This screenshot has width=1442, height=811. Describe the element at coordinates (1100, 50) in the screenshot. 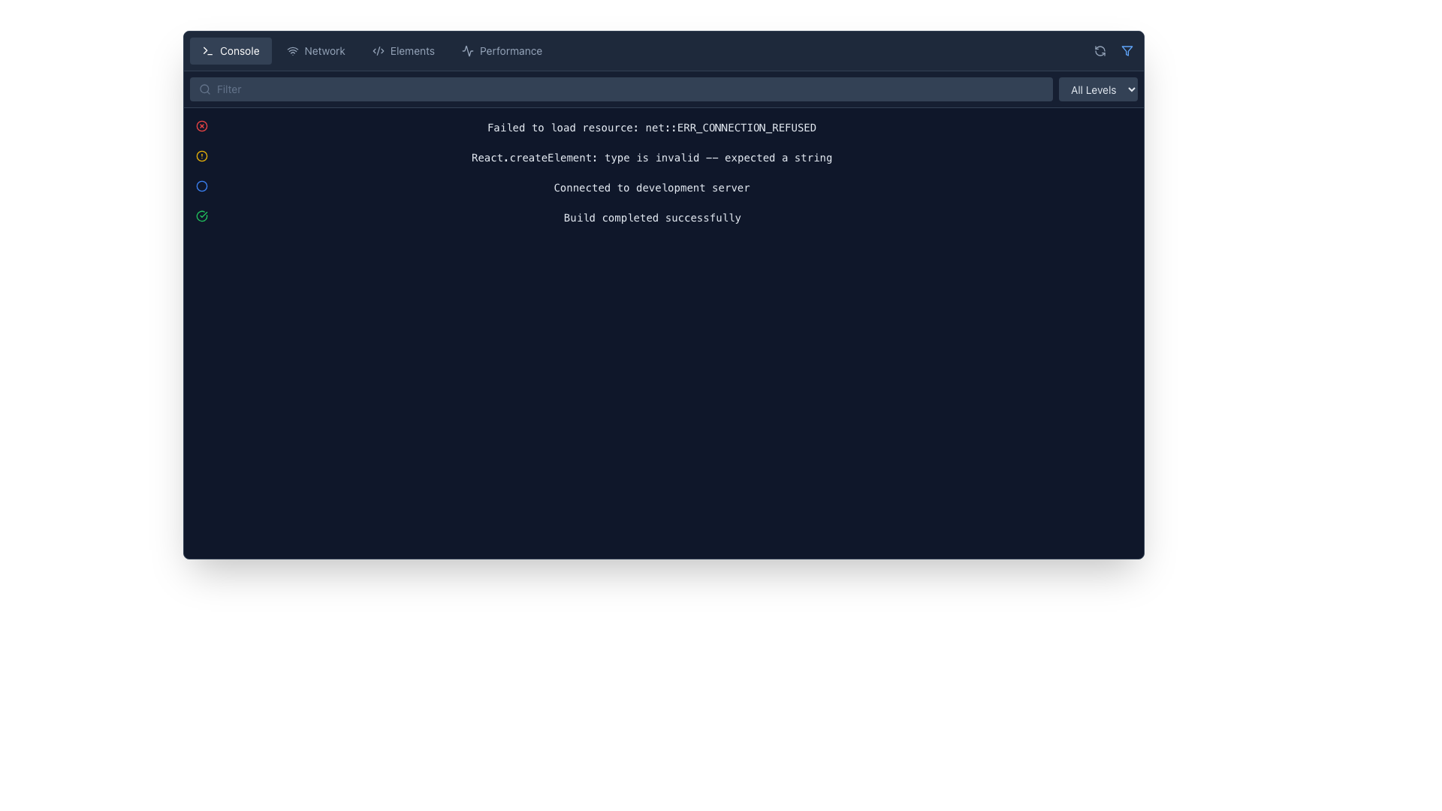

I see `the circular refresh icon located in the top-right corner of the interface to change its appearance` at that location.